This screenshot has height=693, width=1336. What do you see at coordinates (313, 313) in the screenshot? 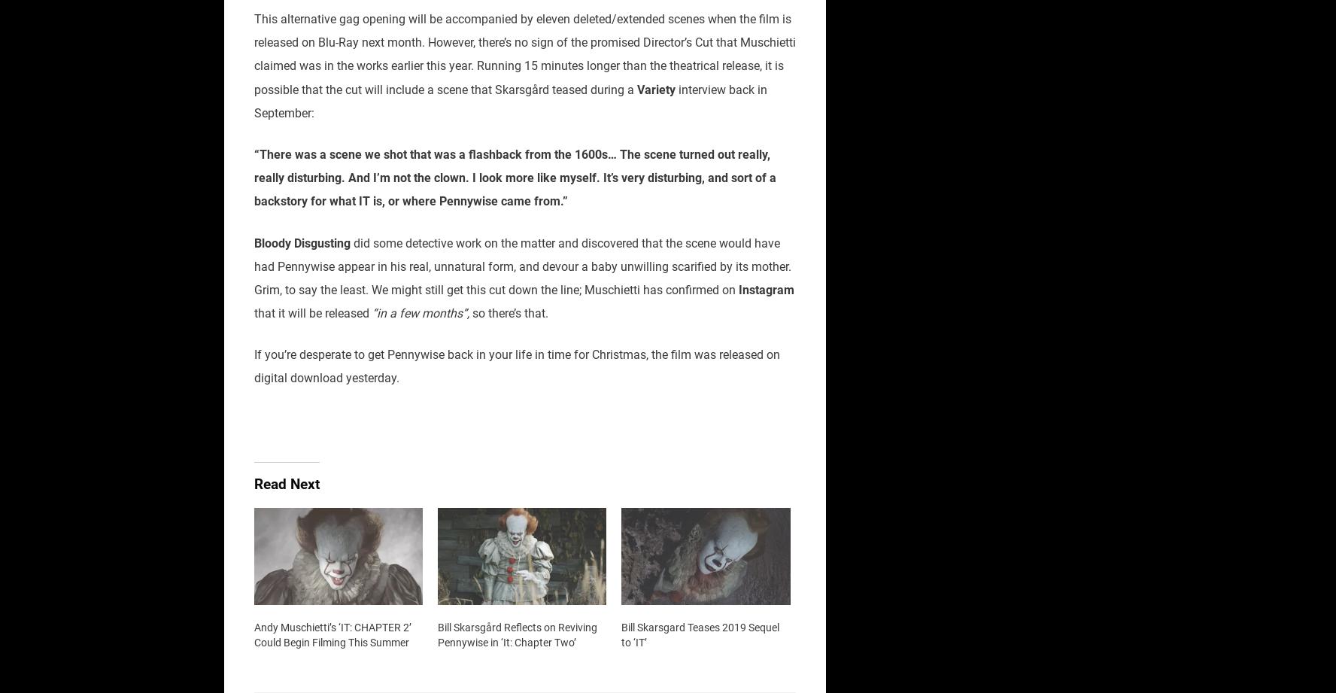
I see `'that it will be released'` at bounding box center [313, 313].